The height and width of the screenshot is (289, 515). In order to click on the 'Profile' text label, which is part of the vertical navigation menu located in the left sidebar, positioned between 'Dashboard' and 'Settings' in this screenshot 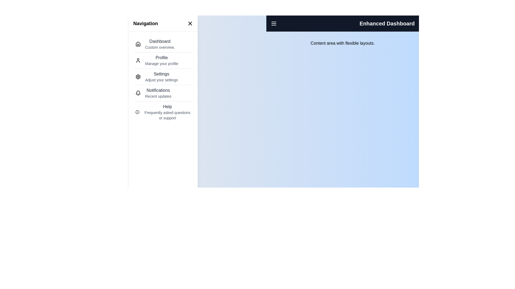, I will do `click(161, 58)`.